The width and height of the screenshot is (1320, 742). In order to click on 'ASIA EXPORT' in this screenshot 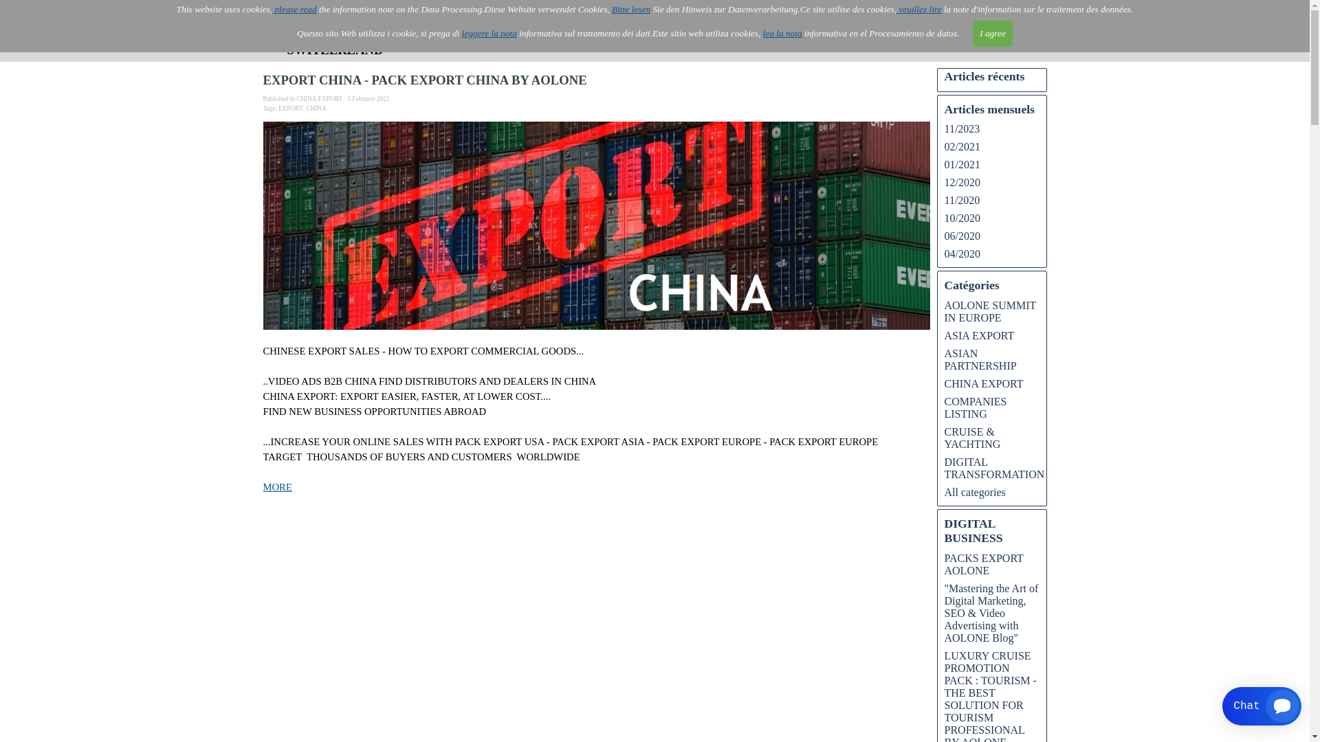, I will do `click(979, 335)`.